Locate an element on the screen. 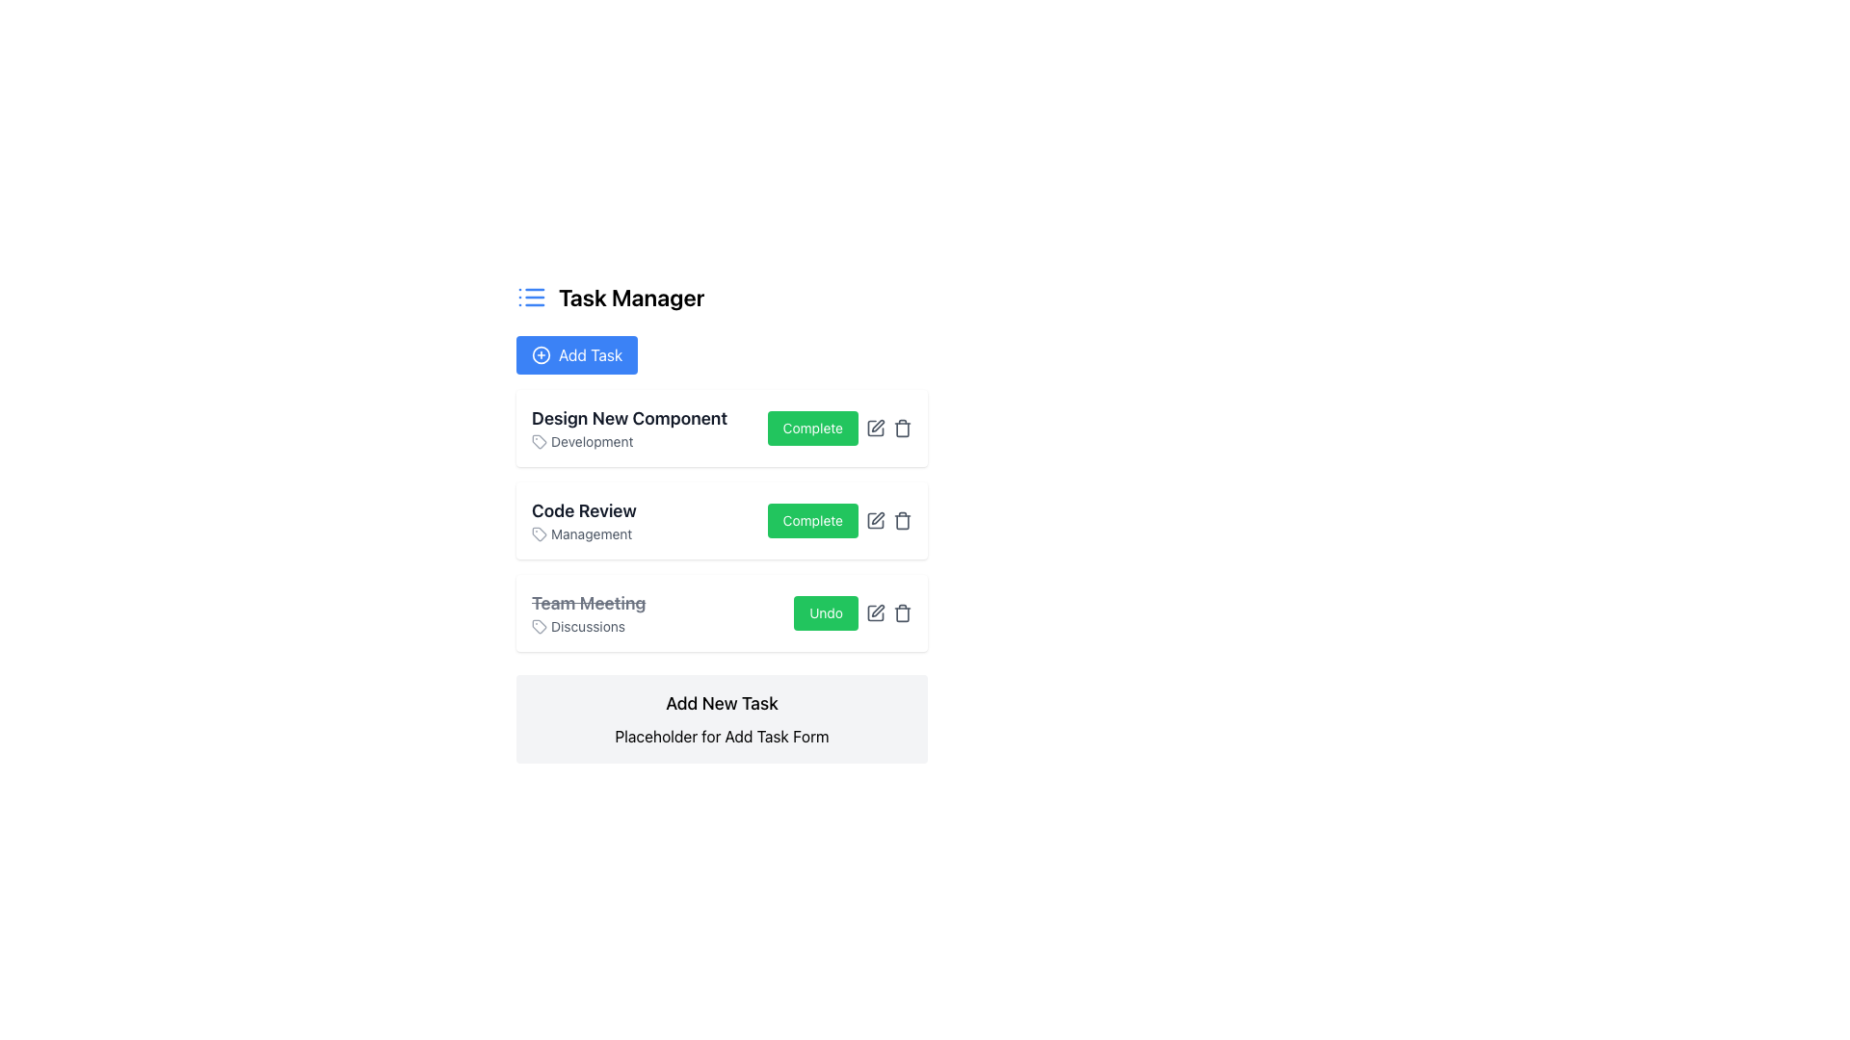 This screenshot has height=1040, width=1850. the trash can icon button is located at coordinates (901, 520).